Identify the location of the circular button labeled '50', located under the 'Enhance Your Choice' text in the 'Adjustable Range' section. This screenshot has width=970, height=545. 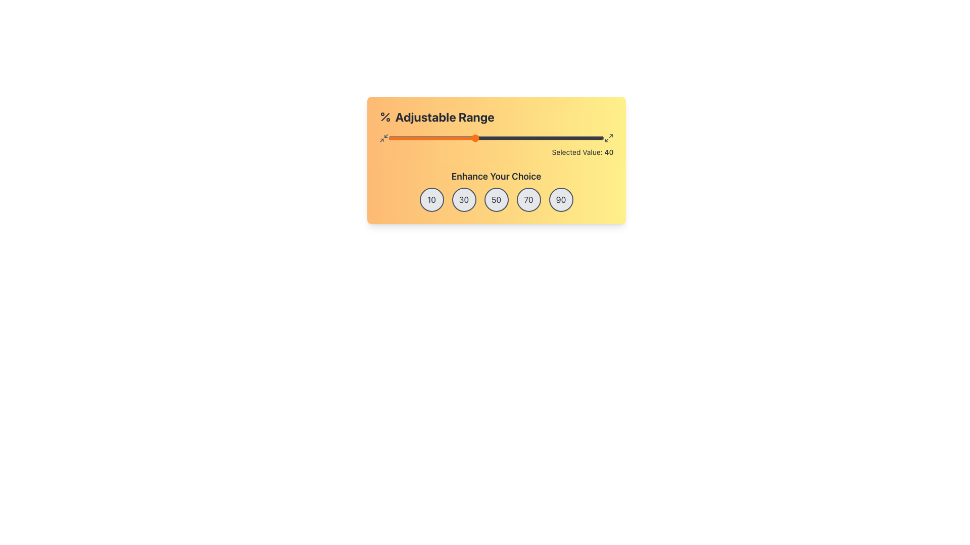
(496, 191).